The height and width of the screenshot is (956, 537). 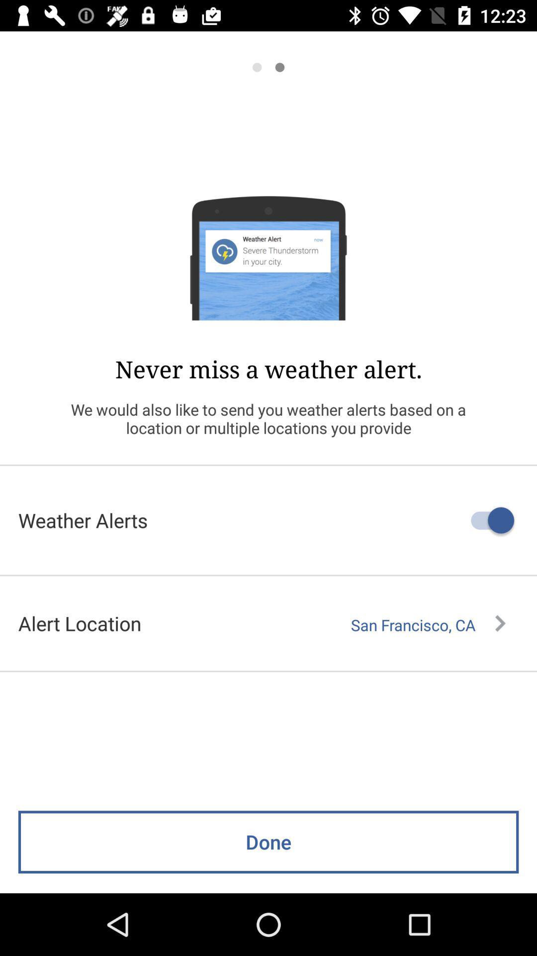 I want to click on done button, so click(x=268, y=863).